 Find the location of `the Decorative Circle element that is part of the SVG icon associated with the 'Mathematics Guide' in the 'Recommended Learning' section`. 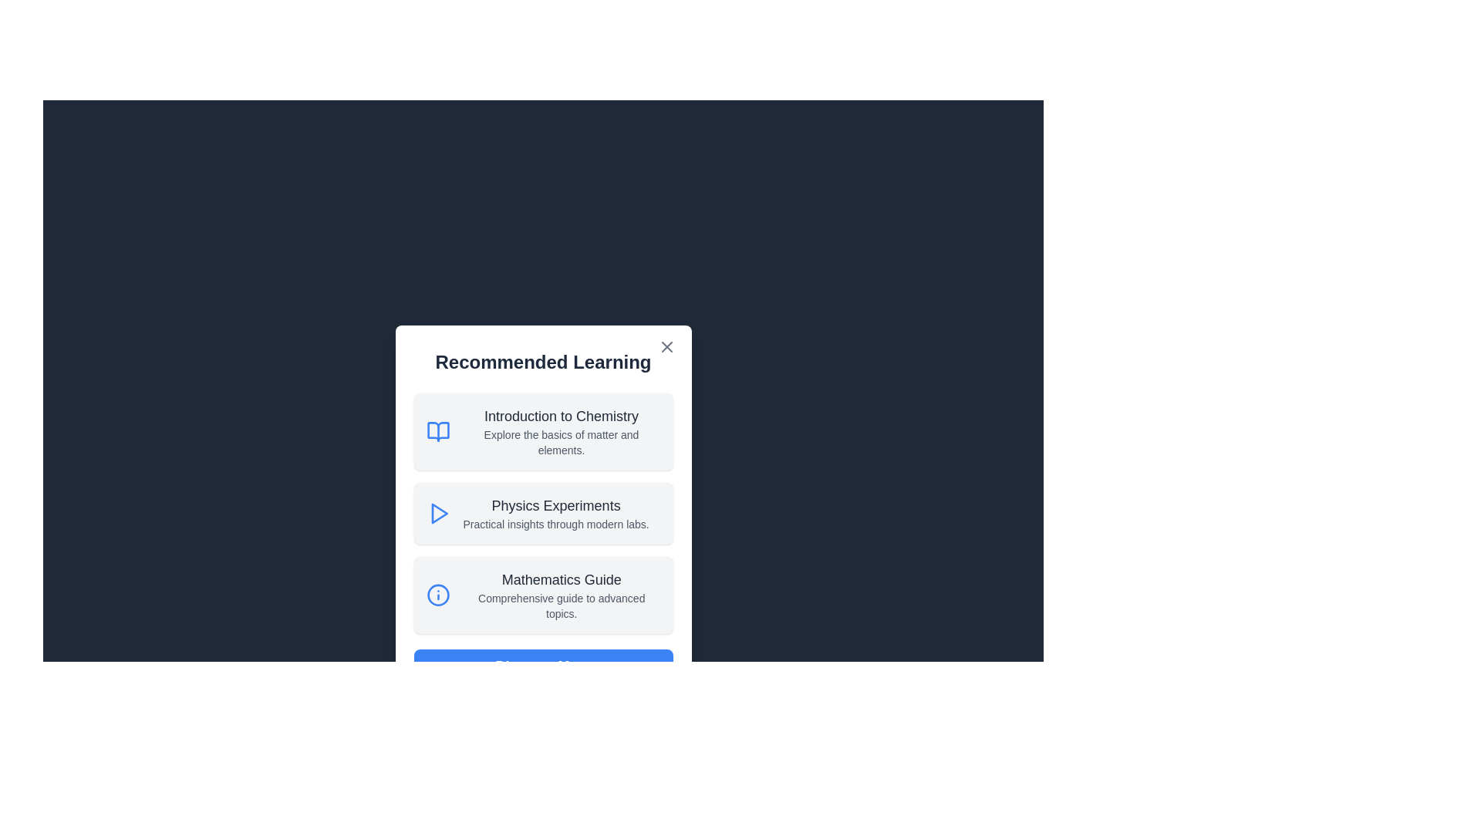

the Decorative Circle element that is part of the SVG icon associated with the 'Mathematics Guide' in the 'Recommended Learning' section is located at coordinates (437, 594).